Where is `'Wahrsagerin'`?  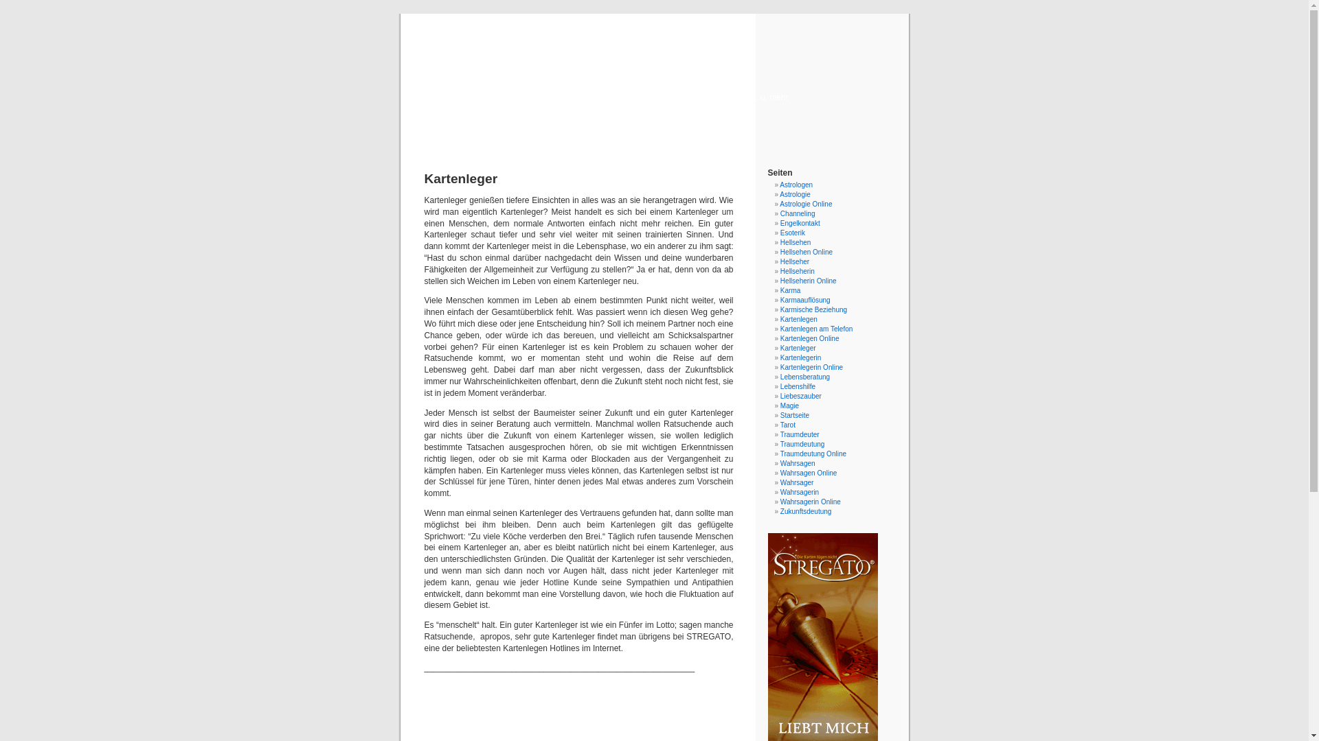 'Wahrsagerin' is located at coordinates (799, 491).